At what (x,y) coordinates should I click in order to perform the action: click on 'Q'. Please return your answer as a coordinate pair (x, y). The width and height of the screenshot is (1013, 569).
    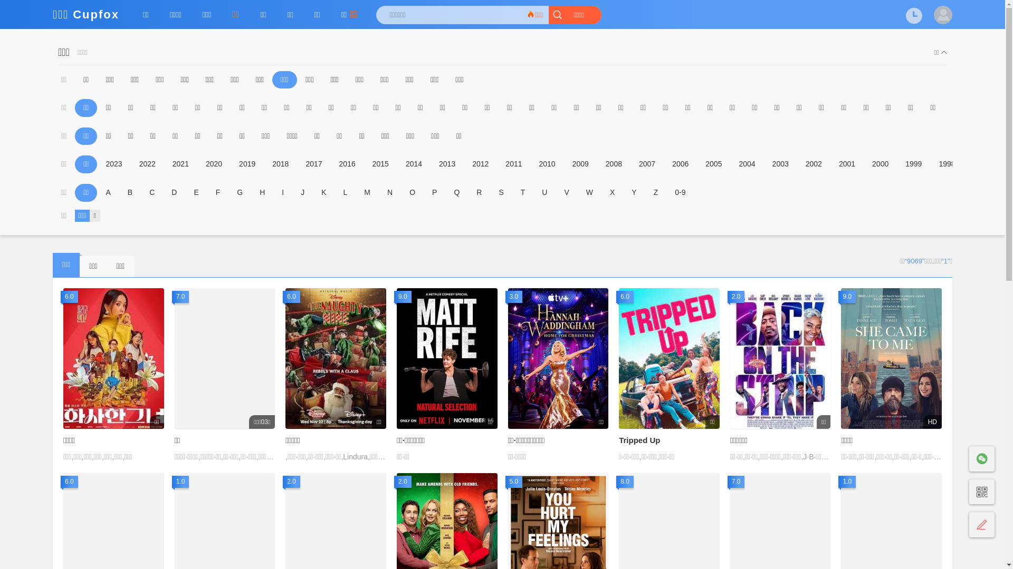
    Looking at the image, I should click on (456, 193).